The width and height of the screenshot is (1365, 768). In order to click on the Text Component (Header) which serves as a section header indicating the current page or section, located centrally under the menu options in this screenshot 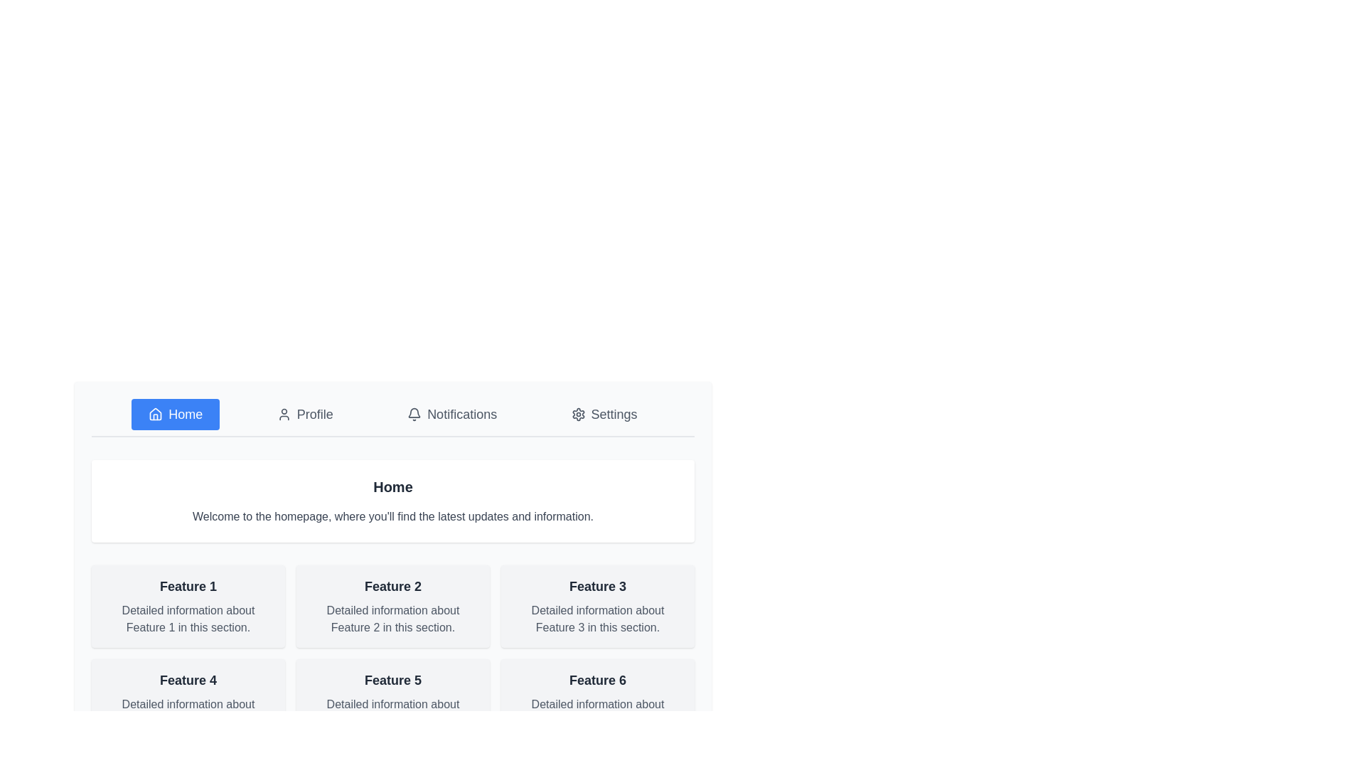, I will do `click(392, 486)`.